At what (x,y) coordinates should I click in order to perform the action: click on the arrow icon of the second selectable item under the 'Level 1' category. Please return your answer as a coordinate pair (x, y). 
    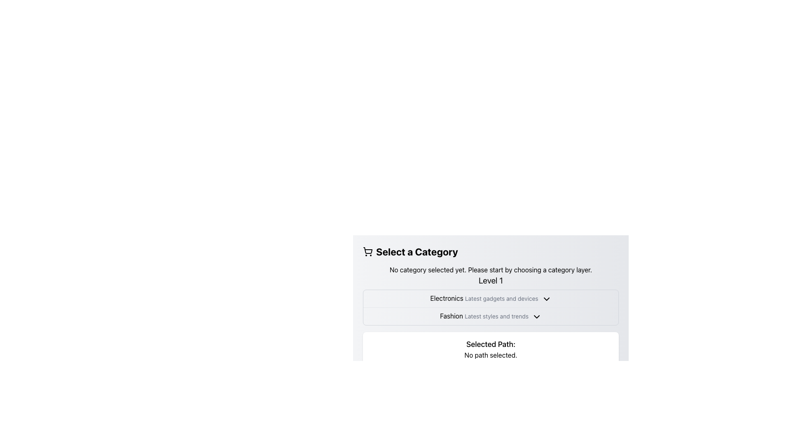
    Looking at the image, I should click on (491, 316).